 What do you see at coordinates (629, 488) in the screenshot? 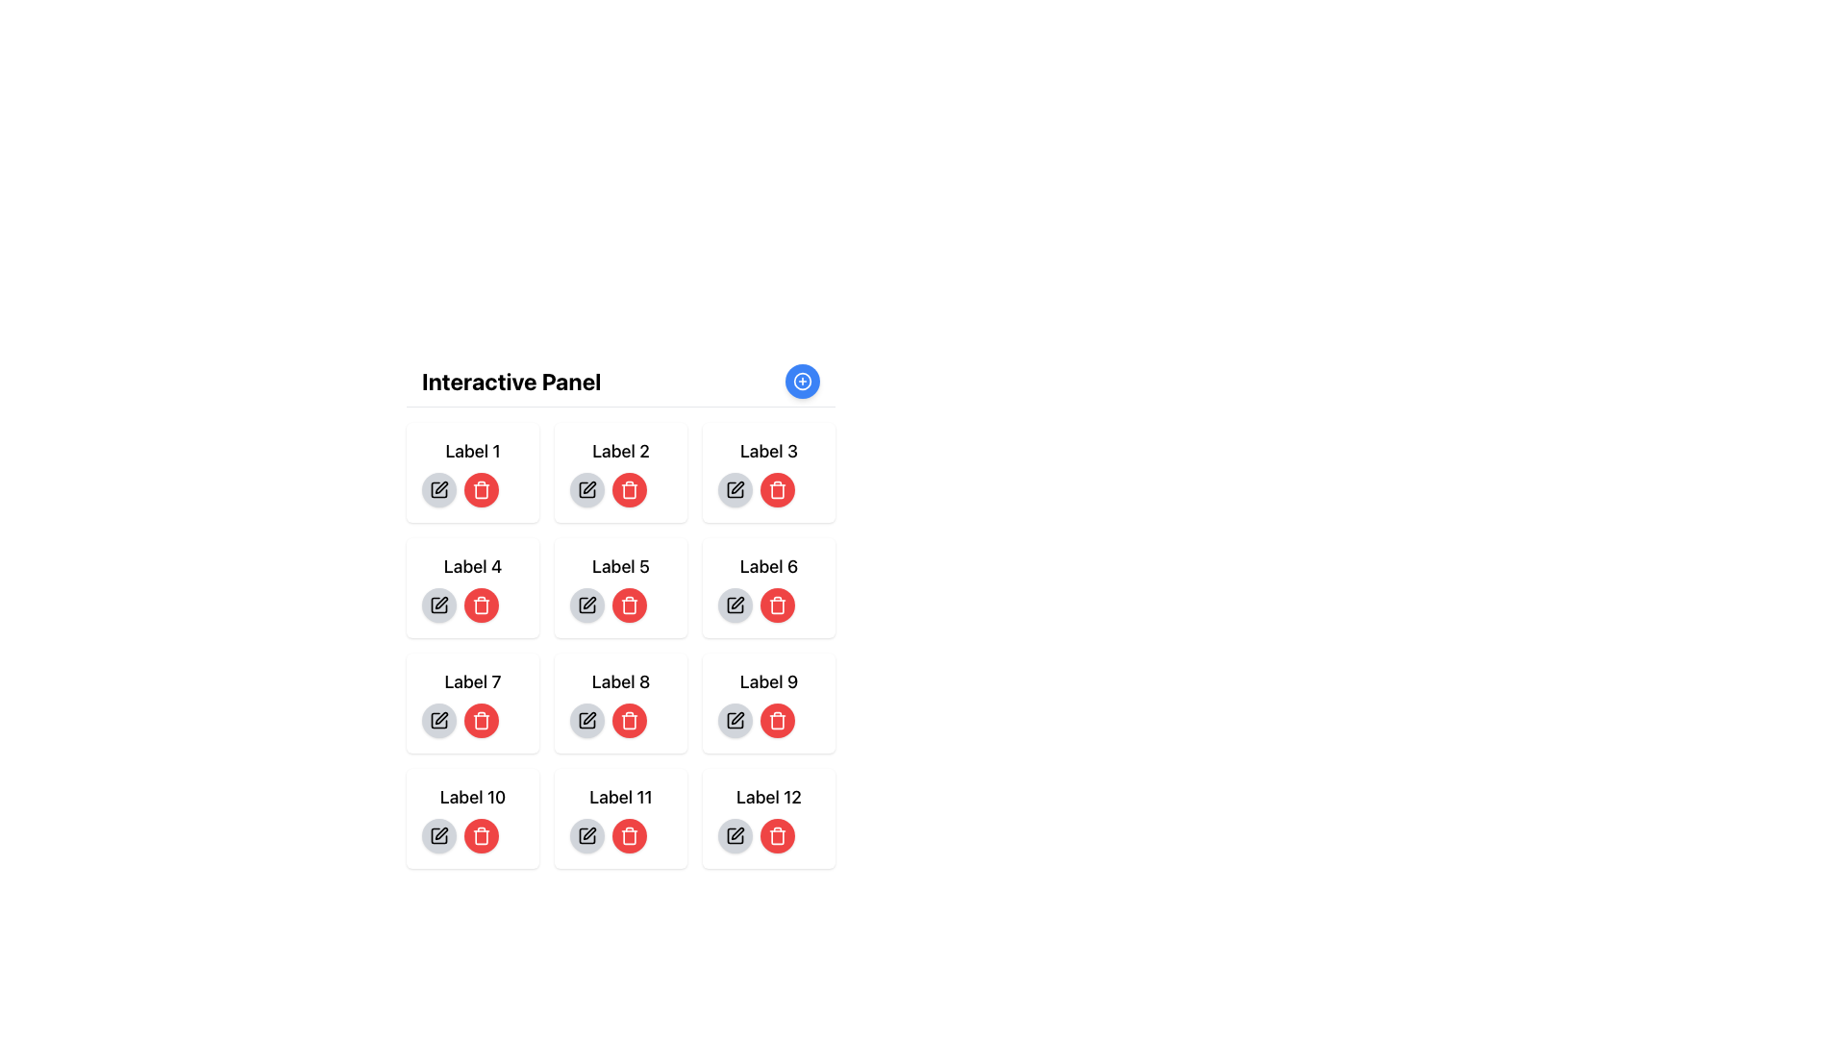
I see `the red circular button icon styled as a trash can, located in the second column of the first row next to 'Label 2'` at bounding box center [629, 488].